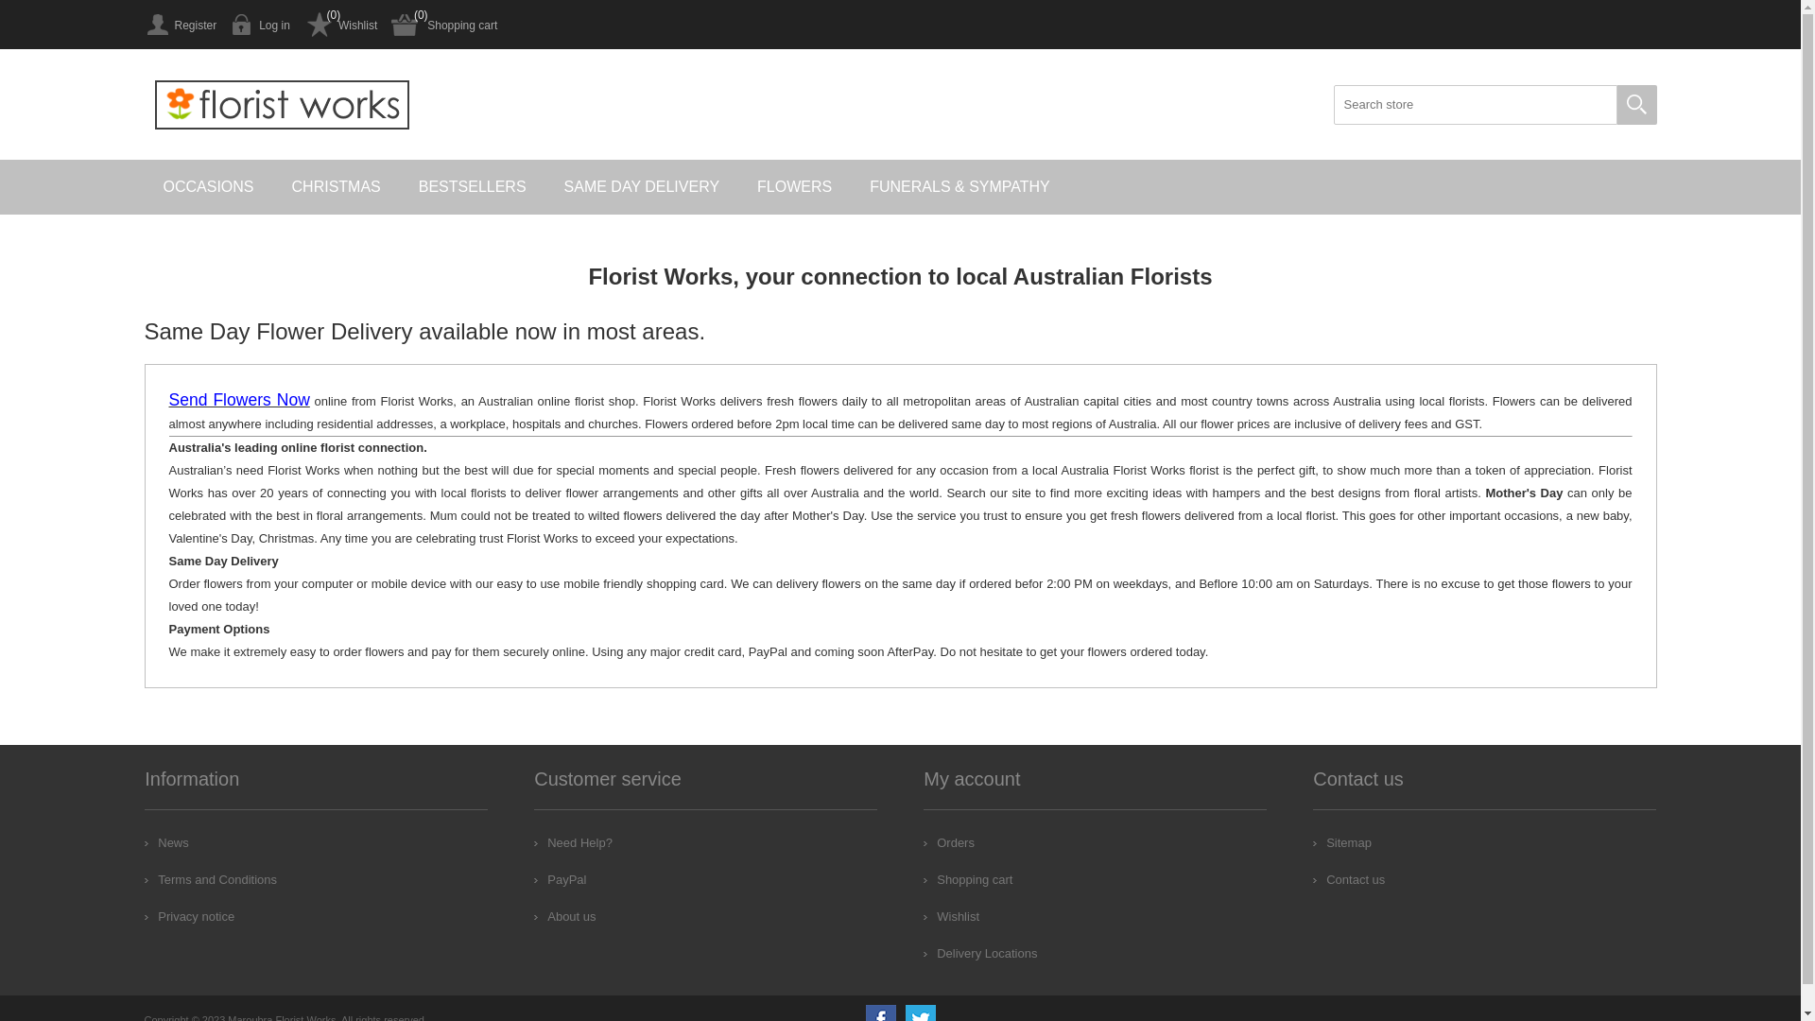  What do you see at coordinates (737, 186) in the screenshot?
I see `'FLOWERS'` at bounding box center [737, 186].